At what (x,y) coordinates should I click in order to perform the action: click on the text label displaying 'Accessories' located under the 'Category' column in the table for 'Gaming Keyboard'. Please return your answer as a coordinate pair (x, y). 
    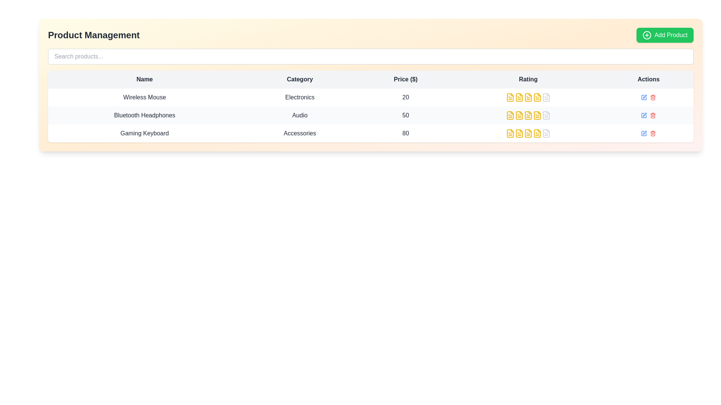
    Looking at the image, I should click on (299, 133).